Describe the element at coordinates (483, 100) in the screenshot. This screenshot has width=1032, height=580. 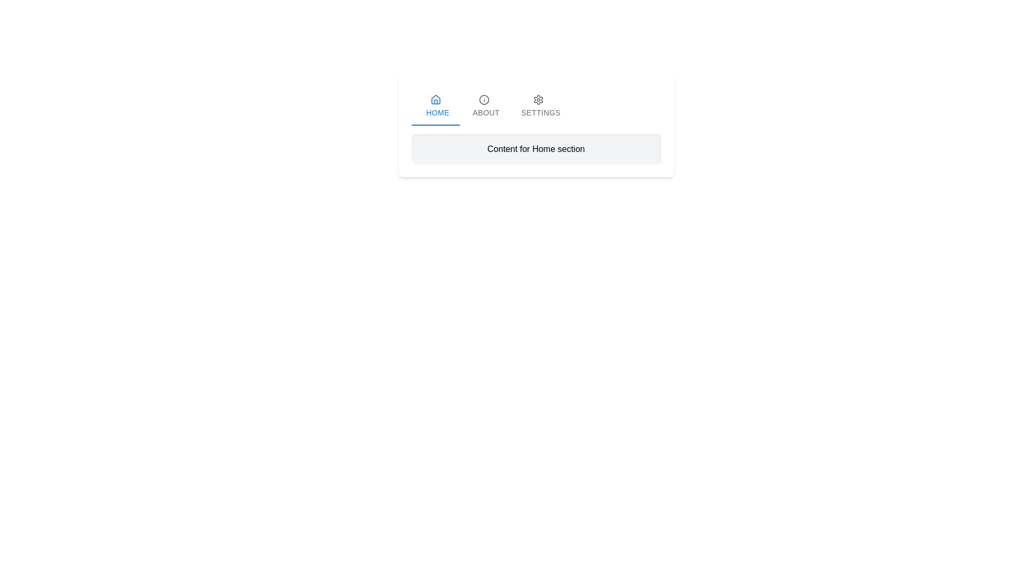
I see `the 'About' Icon, which is located above the 'ABOUT' text and between the 'HOME' and 'SETTINGS' tabs` at that location.